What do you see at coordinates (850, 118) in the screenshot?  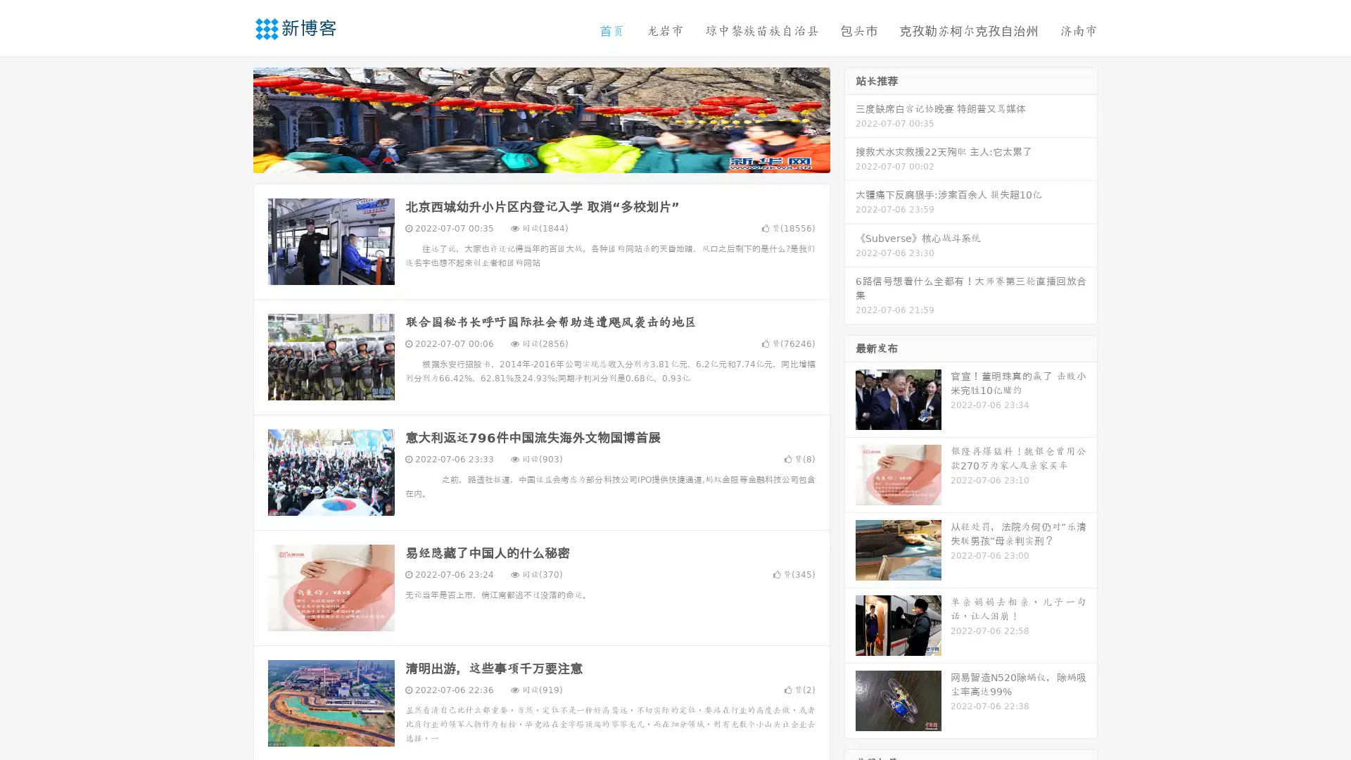 I see `Next slide` at bounding box center [850, 118].